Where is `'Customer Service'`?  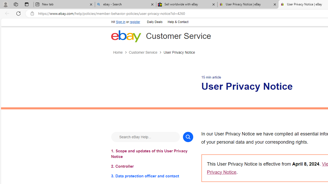
'Customer Service' is located at coordinates (143, 52).